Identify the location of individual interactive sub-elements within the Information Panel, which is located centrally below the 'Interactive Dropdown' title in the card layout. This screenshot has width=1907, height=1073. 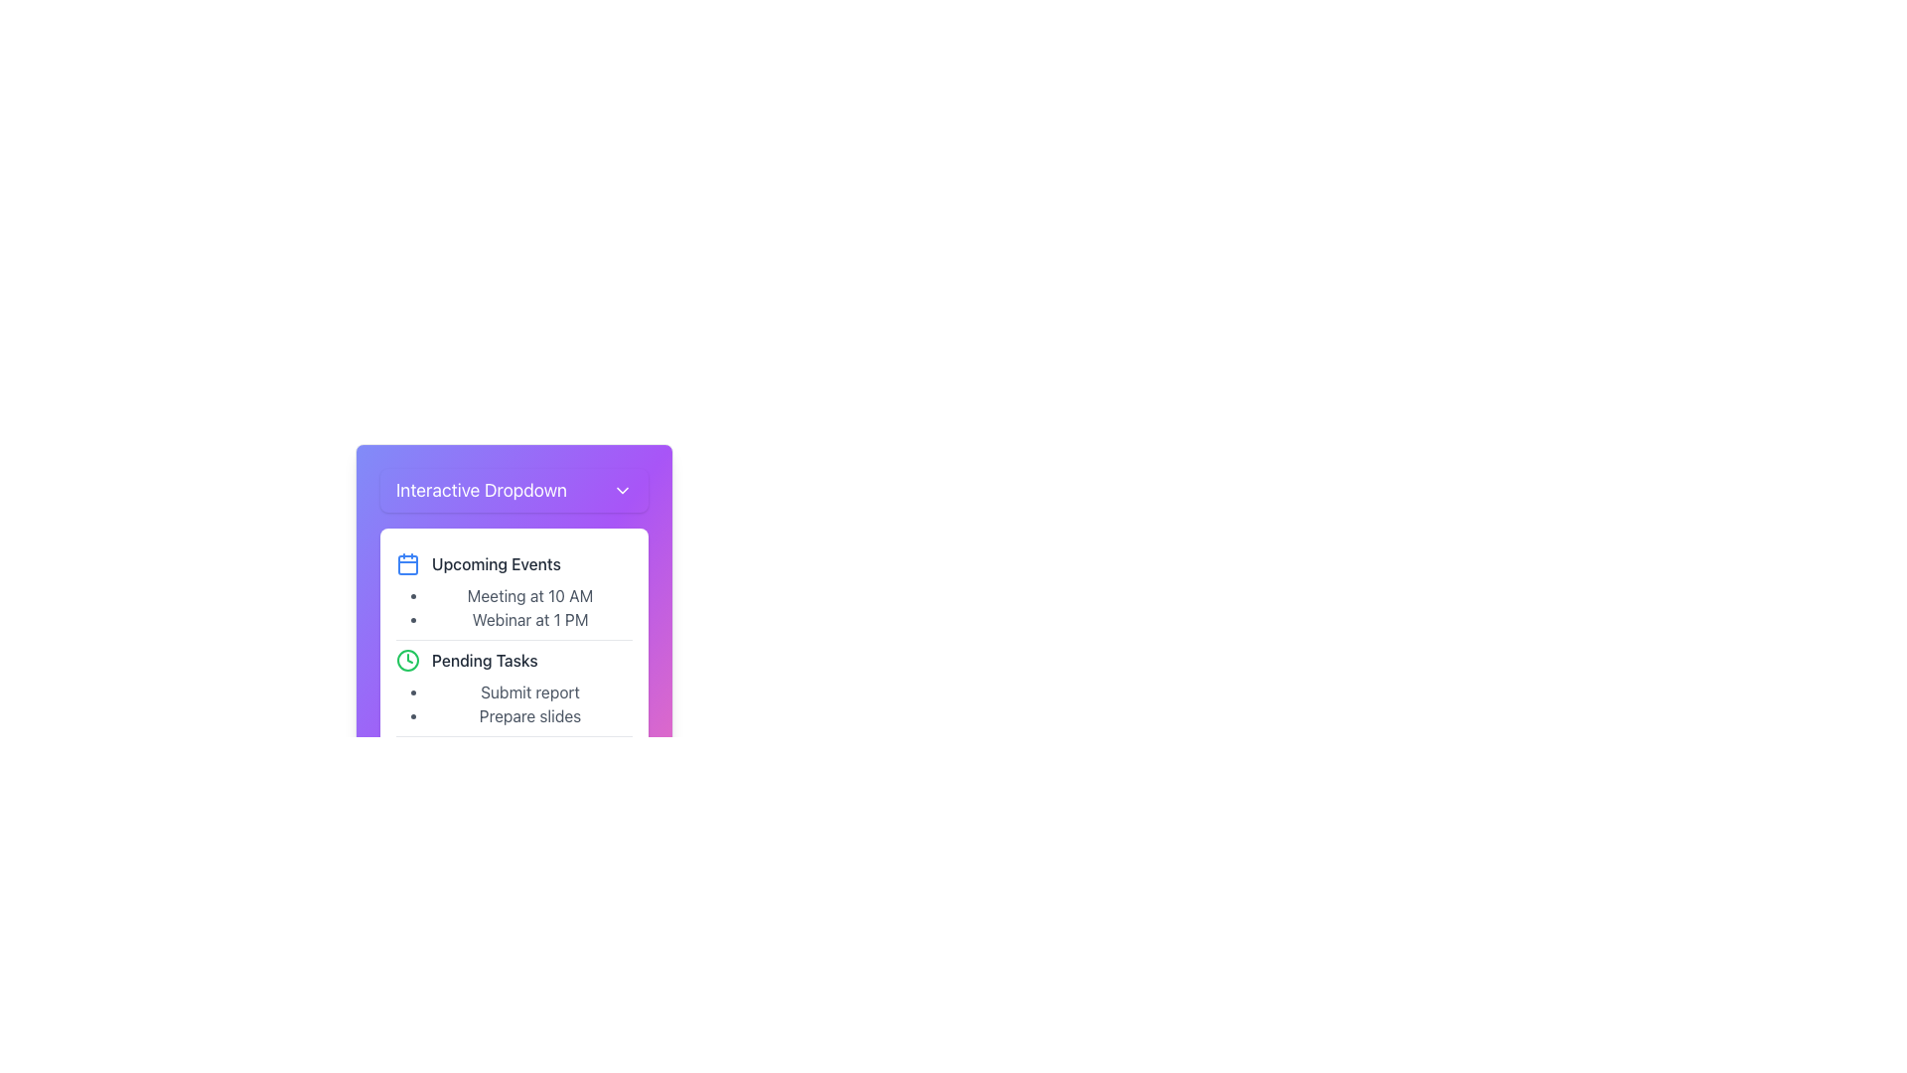
(514, 688).